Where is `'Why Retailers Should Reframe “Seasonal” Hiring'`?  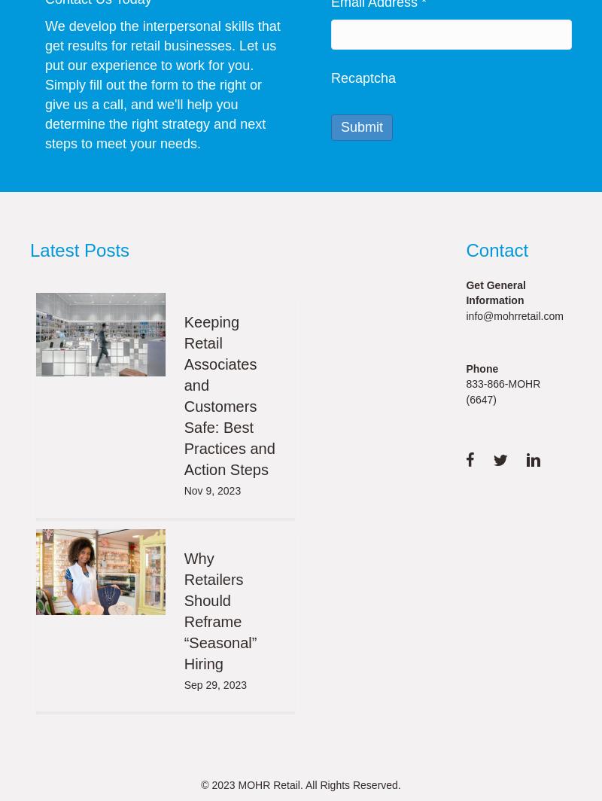 'Why Retailers Should Reframe “Seasonal” Hiring' is located at coordinates (220, 610).